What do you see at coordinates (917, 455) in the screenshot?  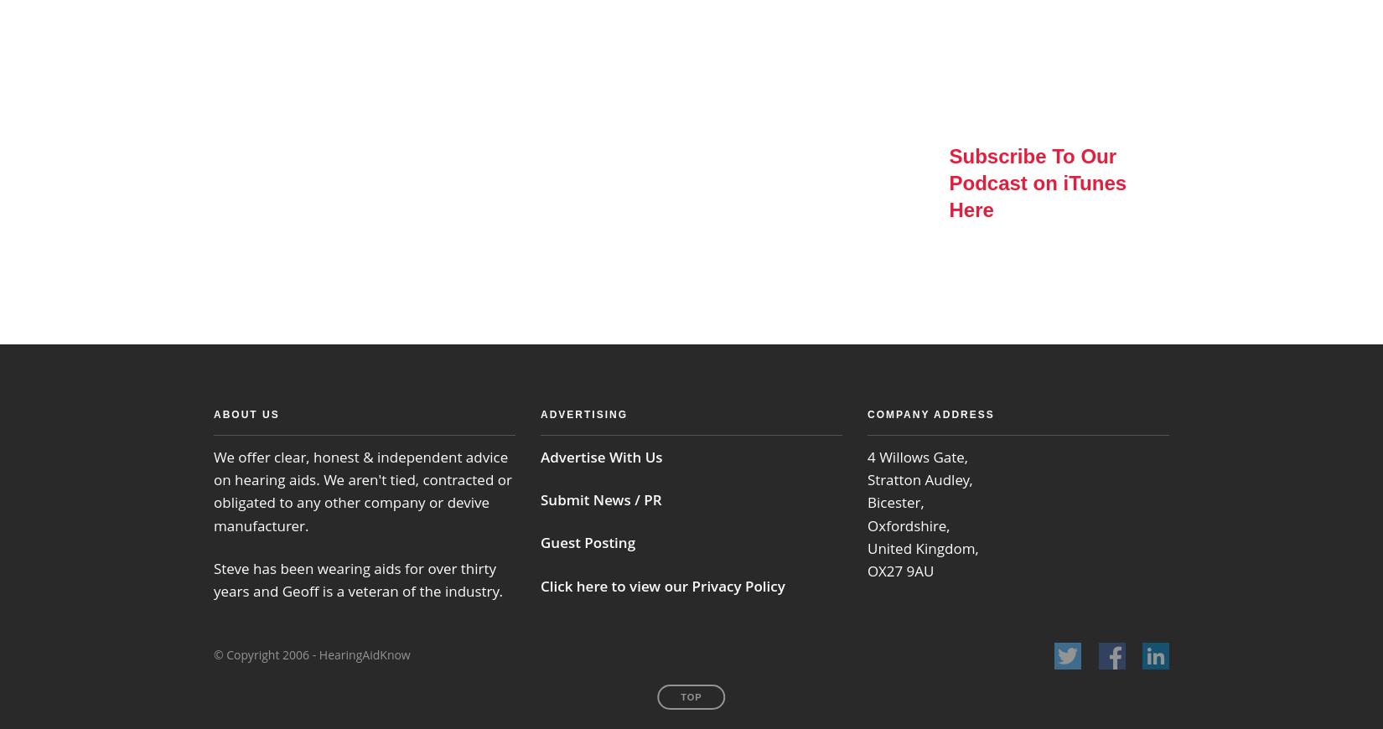 I see `'4 Willows Gate,'` at bounding box center [917, 455].